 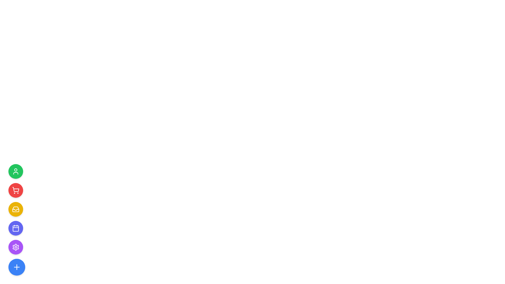 I want to click on the shopping cart button located in the sidebar, which is the second button from the top, so click(x=16, y=190).